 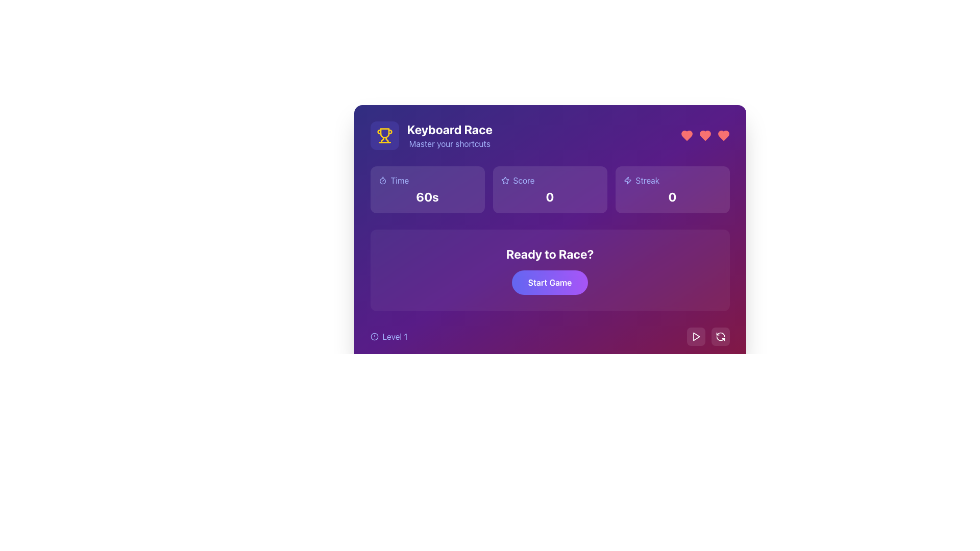 What do you see at coordinates (524, 180) in the screenshot?
I see `the 'Score' text label, which is displayed in light blue within a purple rectangular box at the top center of the section` at bounding box center [524, 180].